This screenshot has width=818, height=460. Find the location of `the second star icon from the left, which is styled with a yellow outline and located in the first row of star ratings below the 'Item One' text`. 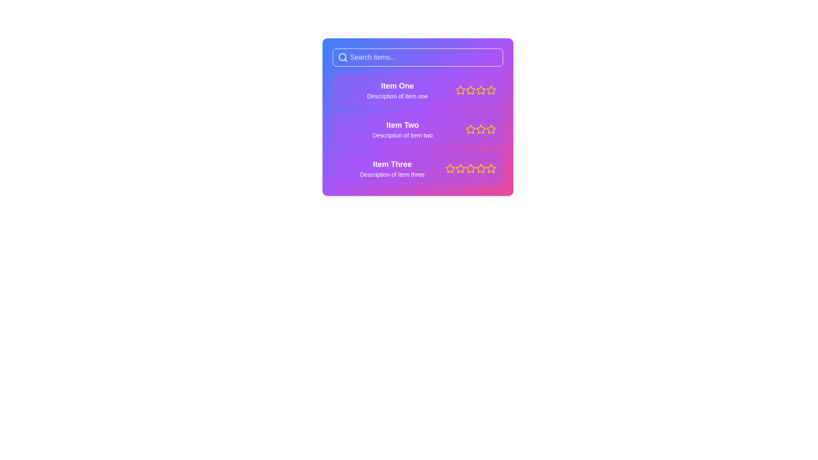

the second star icon from the left, which is styled with a yellow outline and located in the first row of star ratings below the 'Item One' text is located at coordinates (470, 90).